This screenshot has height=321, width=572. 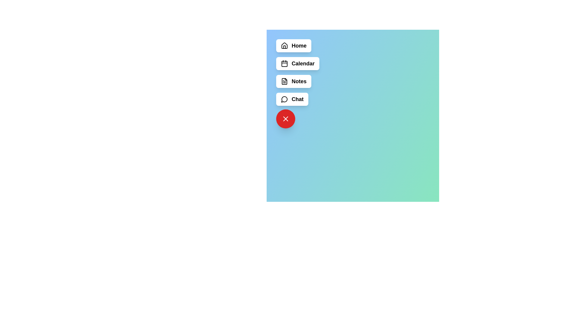 I want to click on the menu button labeled Chat to observe its hover effect, so click(x=292, y=99).